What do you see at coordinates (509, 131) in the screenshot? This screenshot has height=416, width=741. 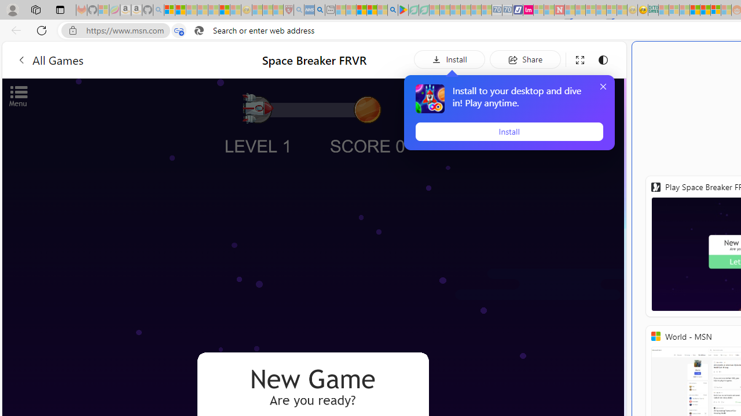 I see `'Install'` at bounding box center [509, 131].